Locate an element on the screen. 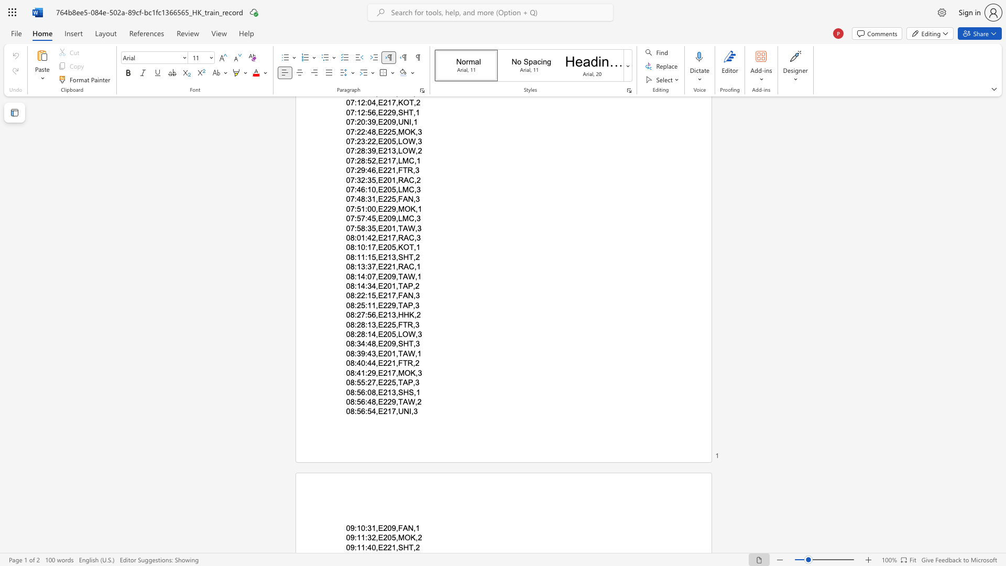 The height and width of the screenshot is (566, 1006). the subset text "08:56:08,E213,SHS" within the text "08:56:08,E213,SHS,1" is located at coordinates (346, 392).